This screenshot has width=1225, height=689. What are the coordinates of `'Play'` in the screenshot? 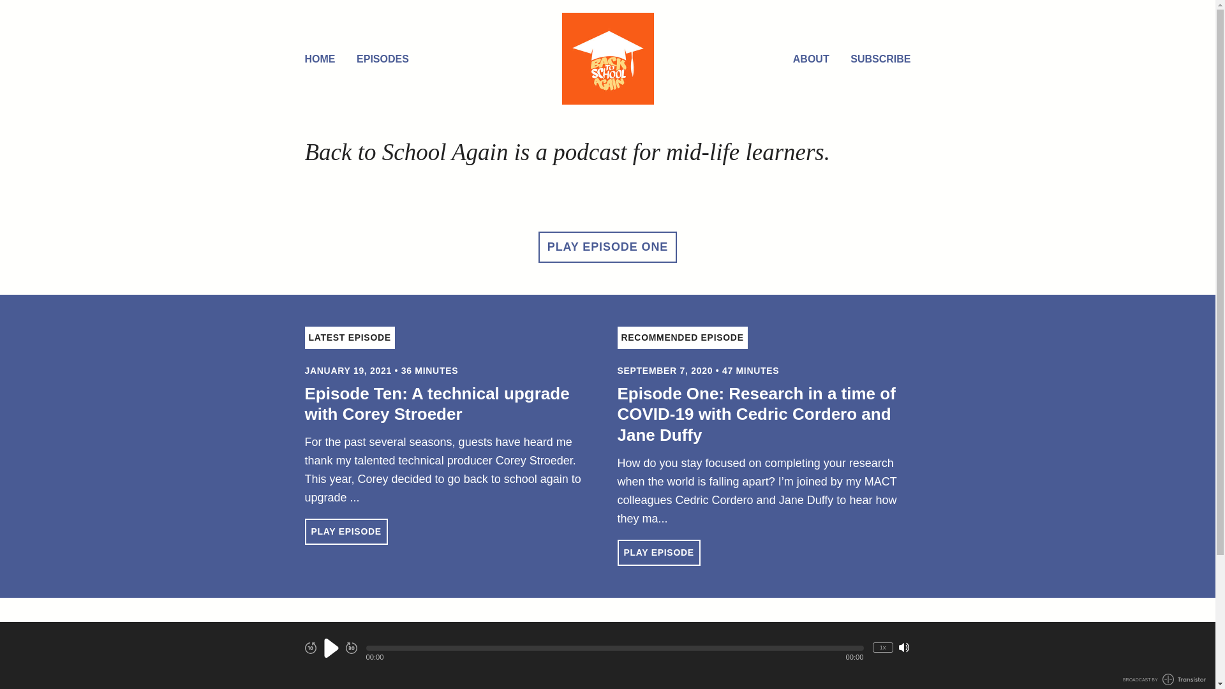 It's located at (330, 648).